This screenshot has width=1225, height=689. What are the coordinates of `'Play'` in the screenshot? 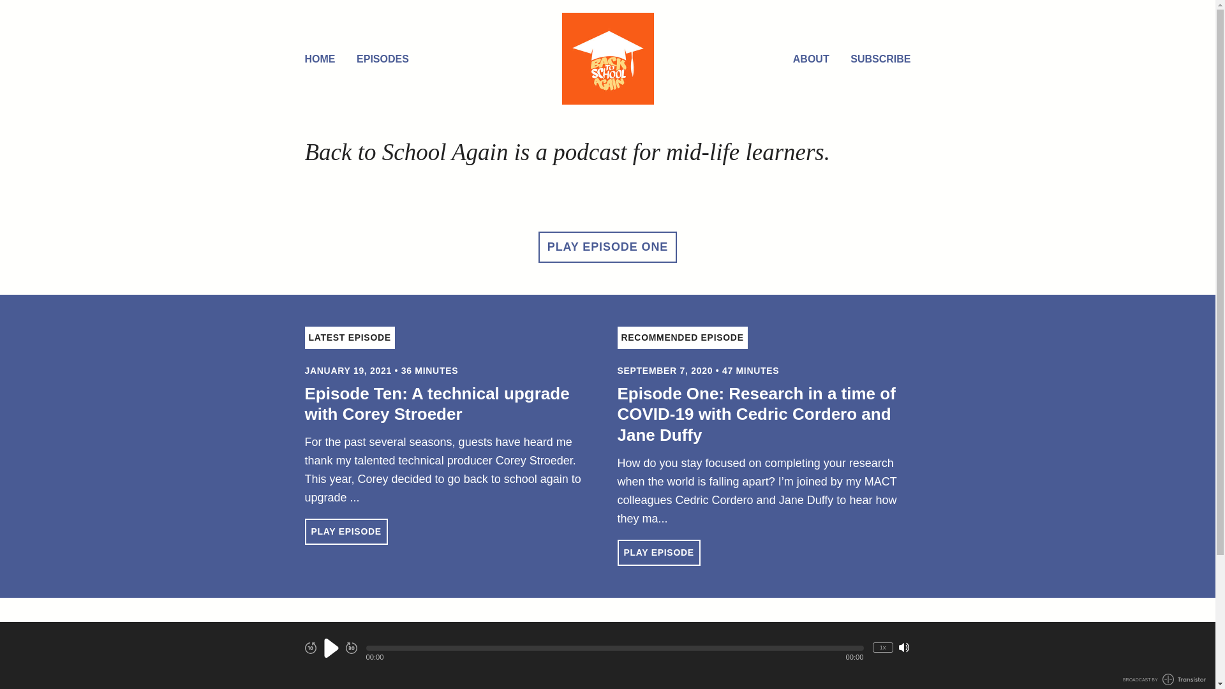 It's located at (330, 648).